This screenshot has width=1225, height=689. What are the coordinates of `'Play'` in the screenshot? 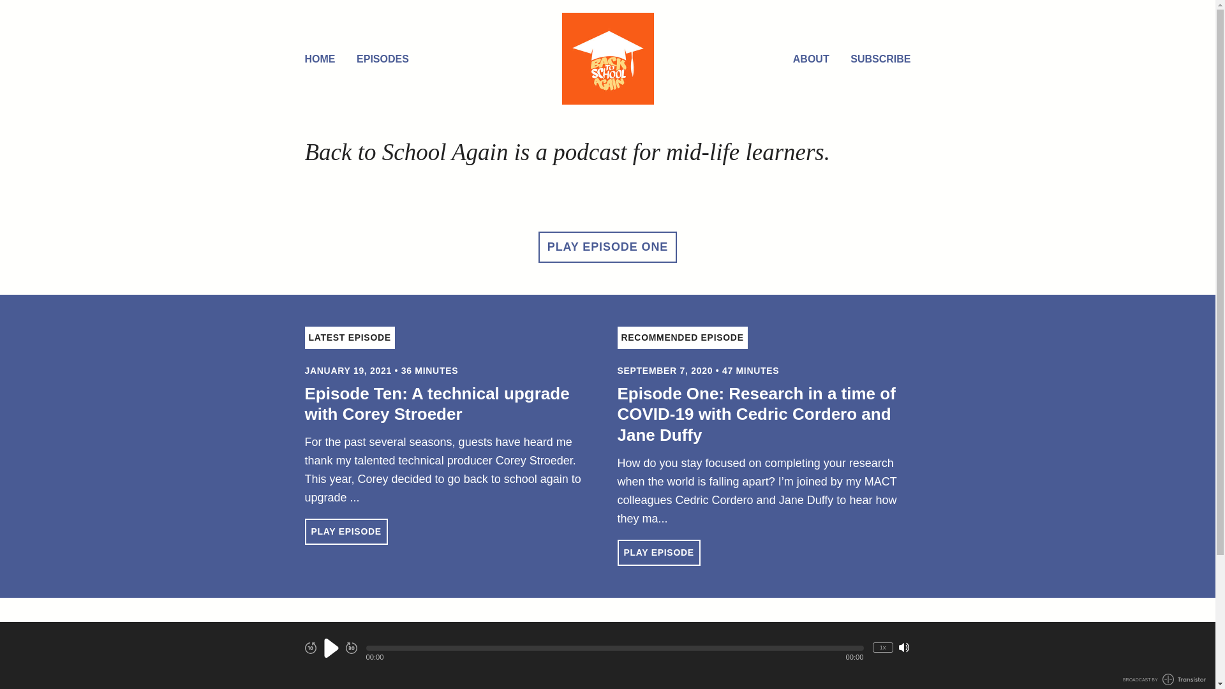 It's located at (330, 648).